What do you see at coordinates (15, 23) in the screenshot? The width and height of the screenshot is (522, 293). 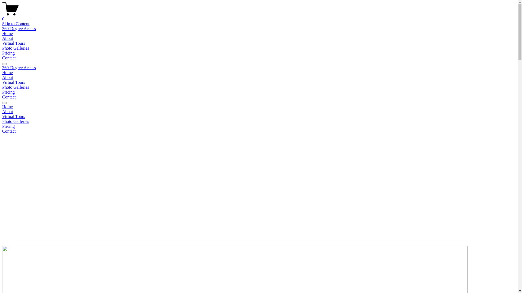 I see `'Skip to Content'` at bounding box center [15, 23].